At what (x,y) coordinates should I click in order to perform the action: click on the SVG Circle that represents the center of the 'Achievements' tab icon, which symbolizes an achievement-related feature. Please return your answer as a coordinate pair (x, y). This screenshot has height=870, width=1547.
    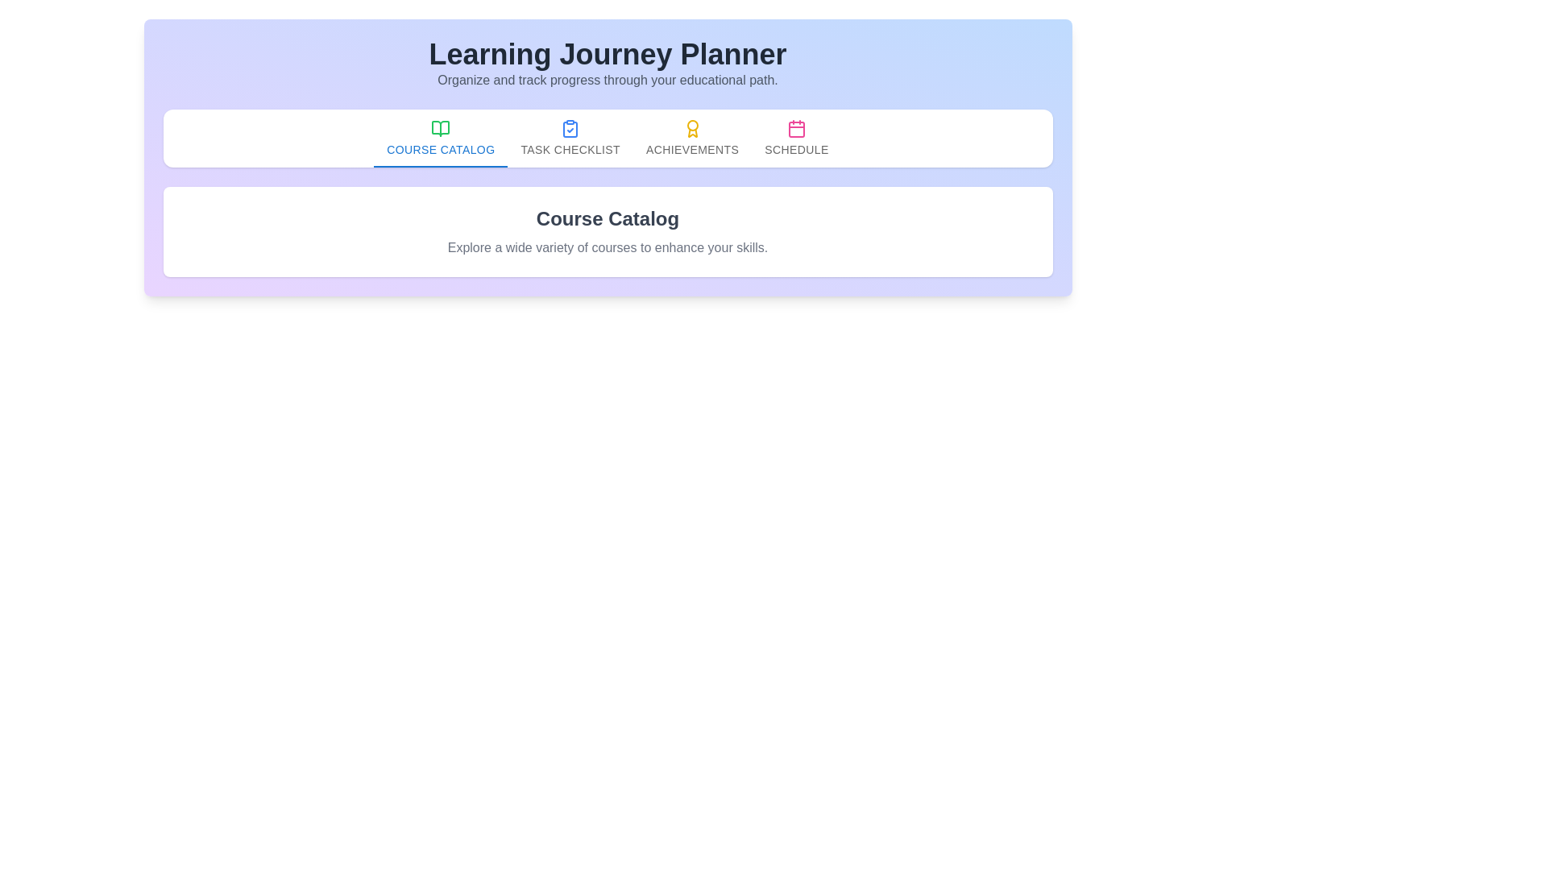
    Looking at the image, I should click on (692, 125).